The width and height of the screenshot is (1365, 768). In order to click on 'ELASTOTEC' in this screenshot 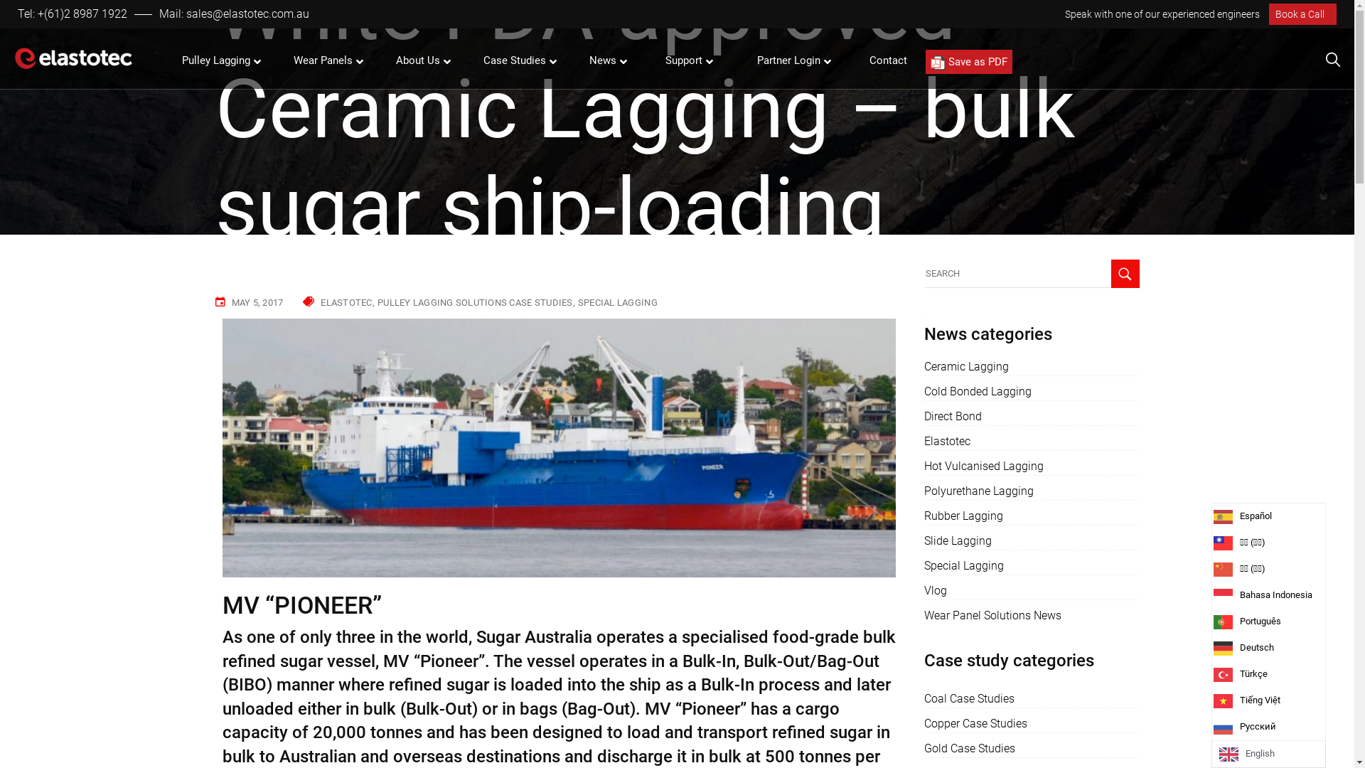, I will do `click(320, 302)`.